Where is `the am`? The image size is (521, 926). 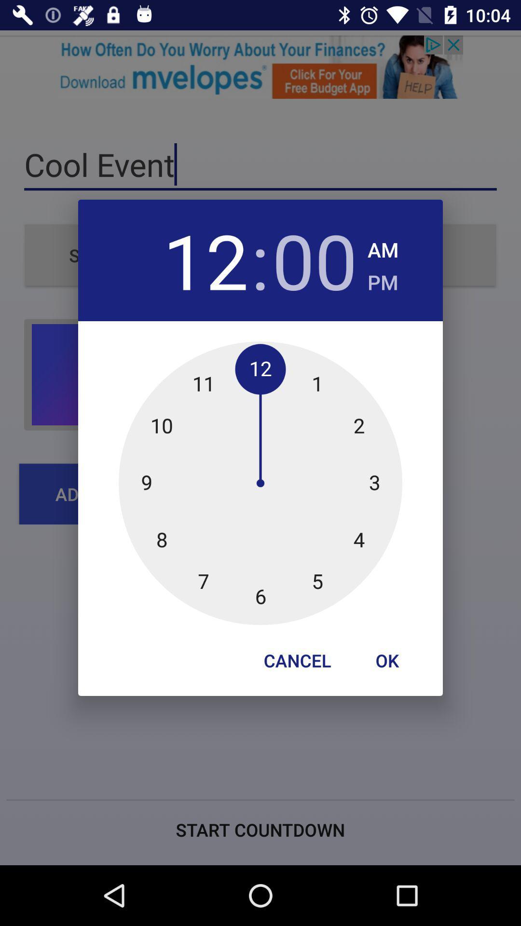
the am is located at coordinates (383, 247).